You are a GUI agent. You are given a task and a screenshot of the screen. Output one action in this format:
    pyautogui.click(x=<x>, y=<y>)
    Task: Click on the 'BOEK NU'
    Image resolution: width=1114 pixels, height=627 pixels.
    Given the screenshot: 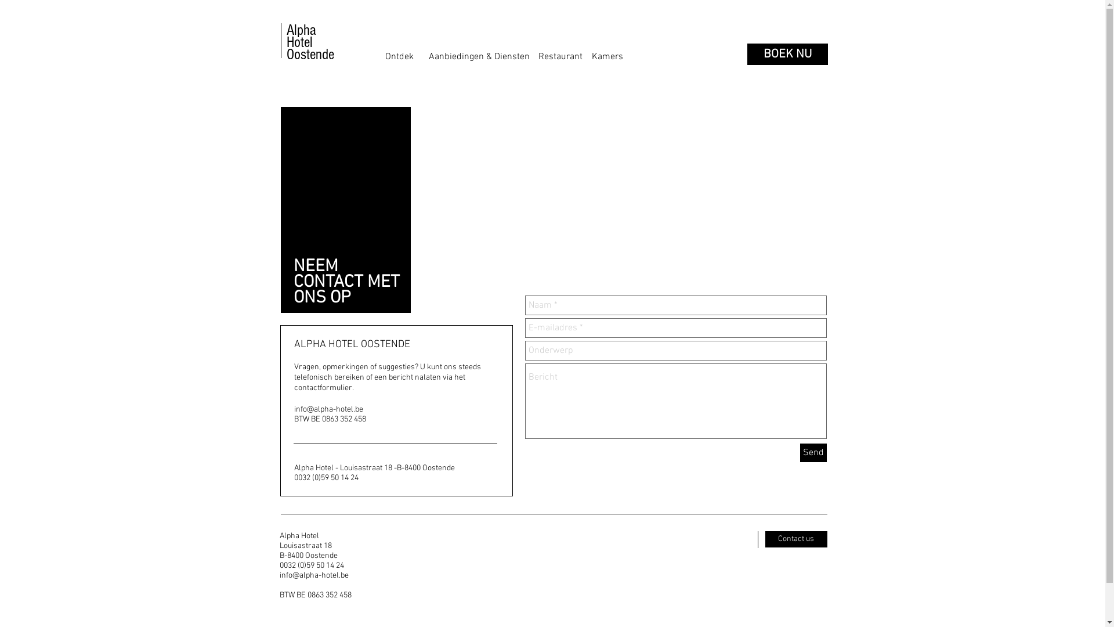 What is the action you would take?
    pyautogui.click(x=787, y=54)
    